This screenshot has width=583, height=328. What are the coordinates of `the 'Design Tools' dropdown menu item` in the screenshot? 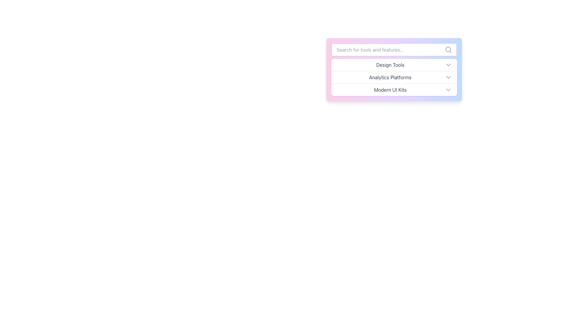 It's located at (394, 65).